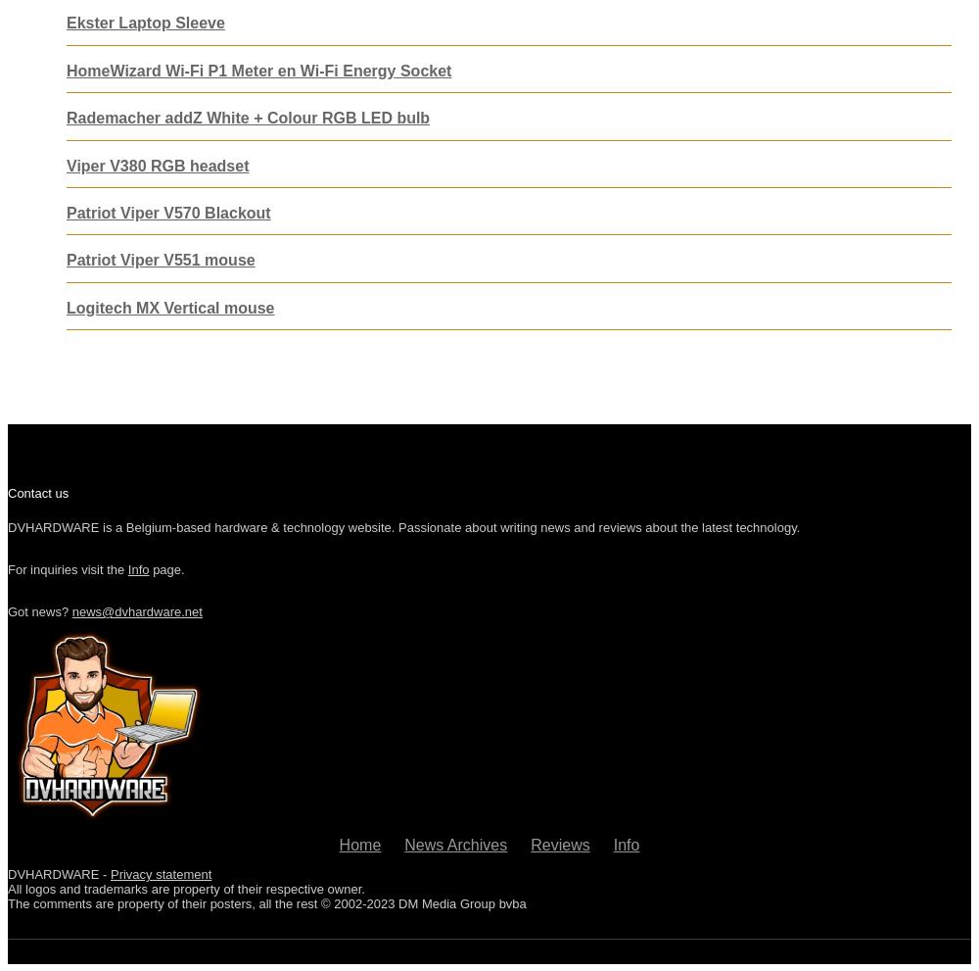  I want to click on 'DVHARDWARE is a Belgium-based hardware & technology website. Passionate about writing news and reviews about the latest technology.', so click(403, 527).